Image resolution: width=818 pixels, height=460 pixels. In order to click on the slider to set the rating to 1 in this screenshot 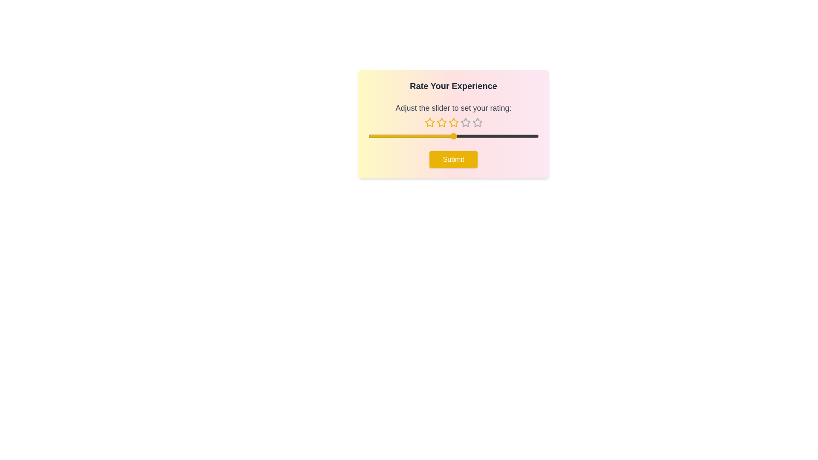, I will do `click(368, 136)`.